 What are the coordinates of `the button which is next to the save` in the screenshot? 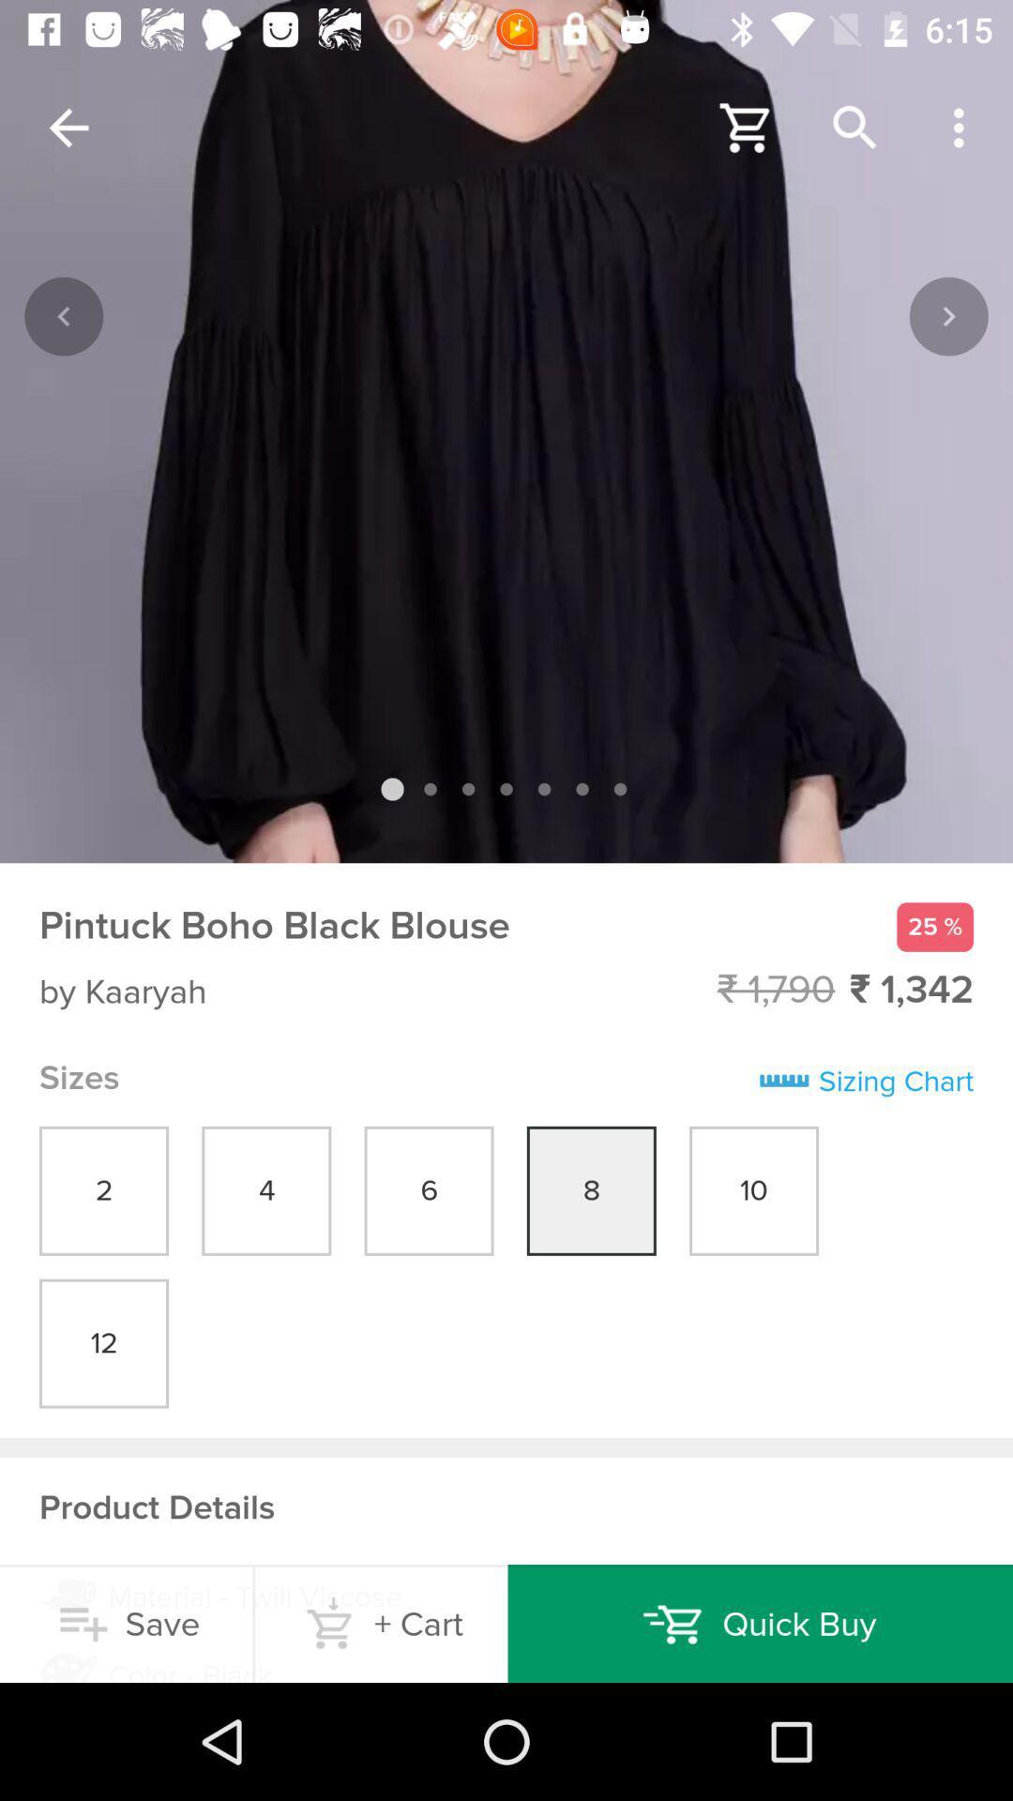 It's located at (381, 1623).